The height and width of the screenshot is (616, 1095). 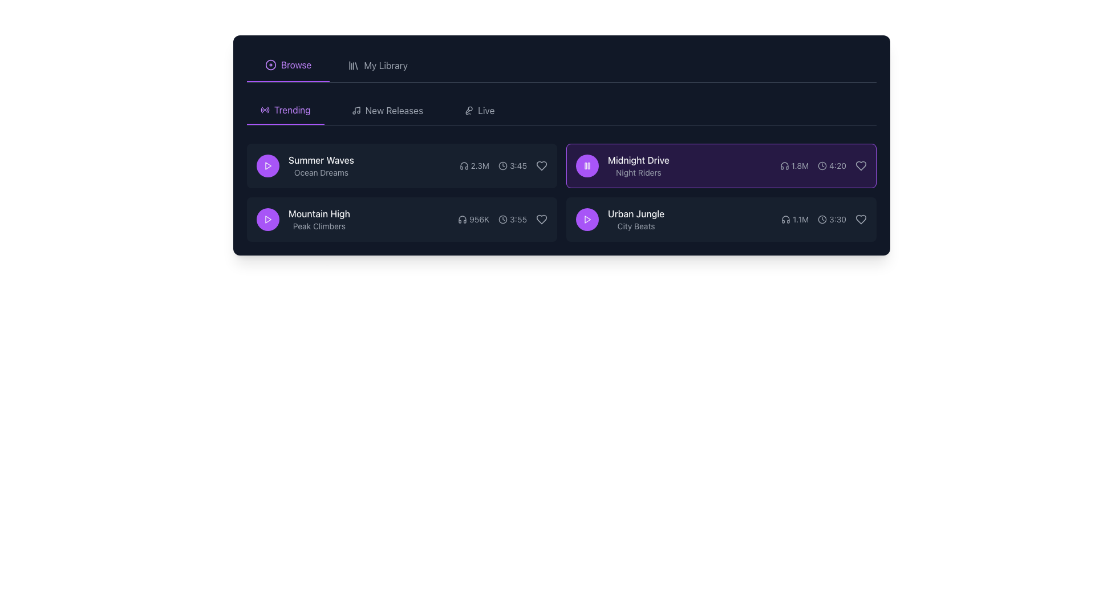 What do you see at coordinates (822, 165) in the screenshot?
I see `the icon representing the duration of the song 'Midnight Drive', which is located to the left of the text '4:20'` at bounding box center [822, 165].